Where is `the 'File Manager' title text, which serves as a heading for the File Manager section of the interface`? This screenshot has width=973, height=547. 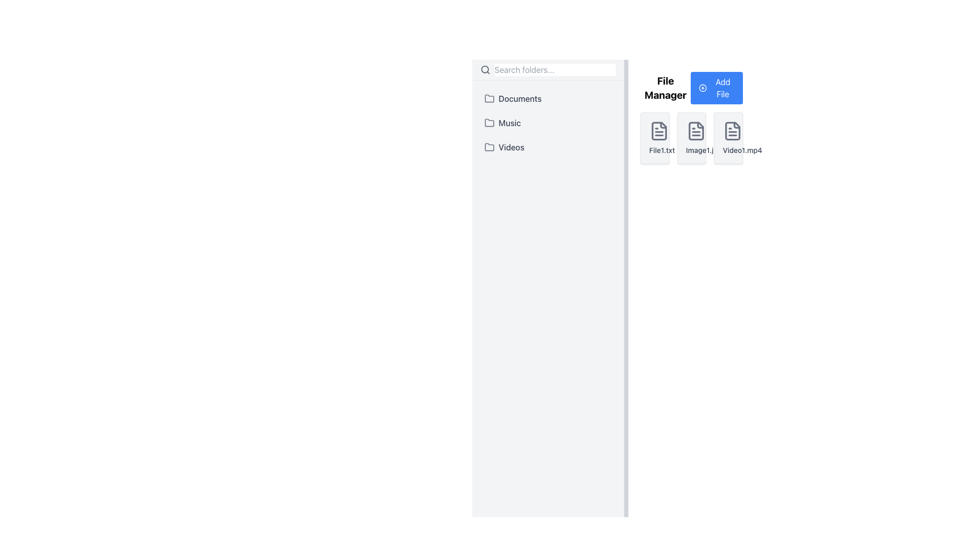 the 'File Manager' title text, which serves as a heading for the File Manager section of the interface is located at coordinates (665, 87).